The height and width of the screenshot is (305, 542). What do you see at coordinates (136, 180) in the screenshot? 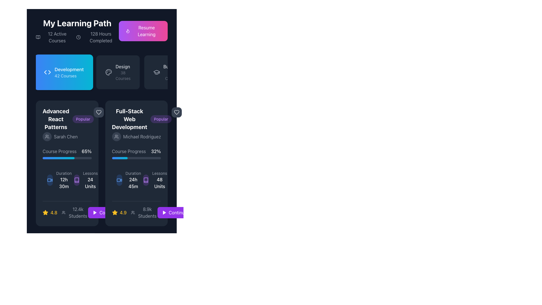
I see `displayed course duration information, which includes an icon resembling a video camera and the text 'Duration' in small gray font followed by '24h 45m' in bold white font, located in the 'Full-Stack Web Development' course section` at bounding box center [136, 180].